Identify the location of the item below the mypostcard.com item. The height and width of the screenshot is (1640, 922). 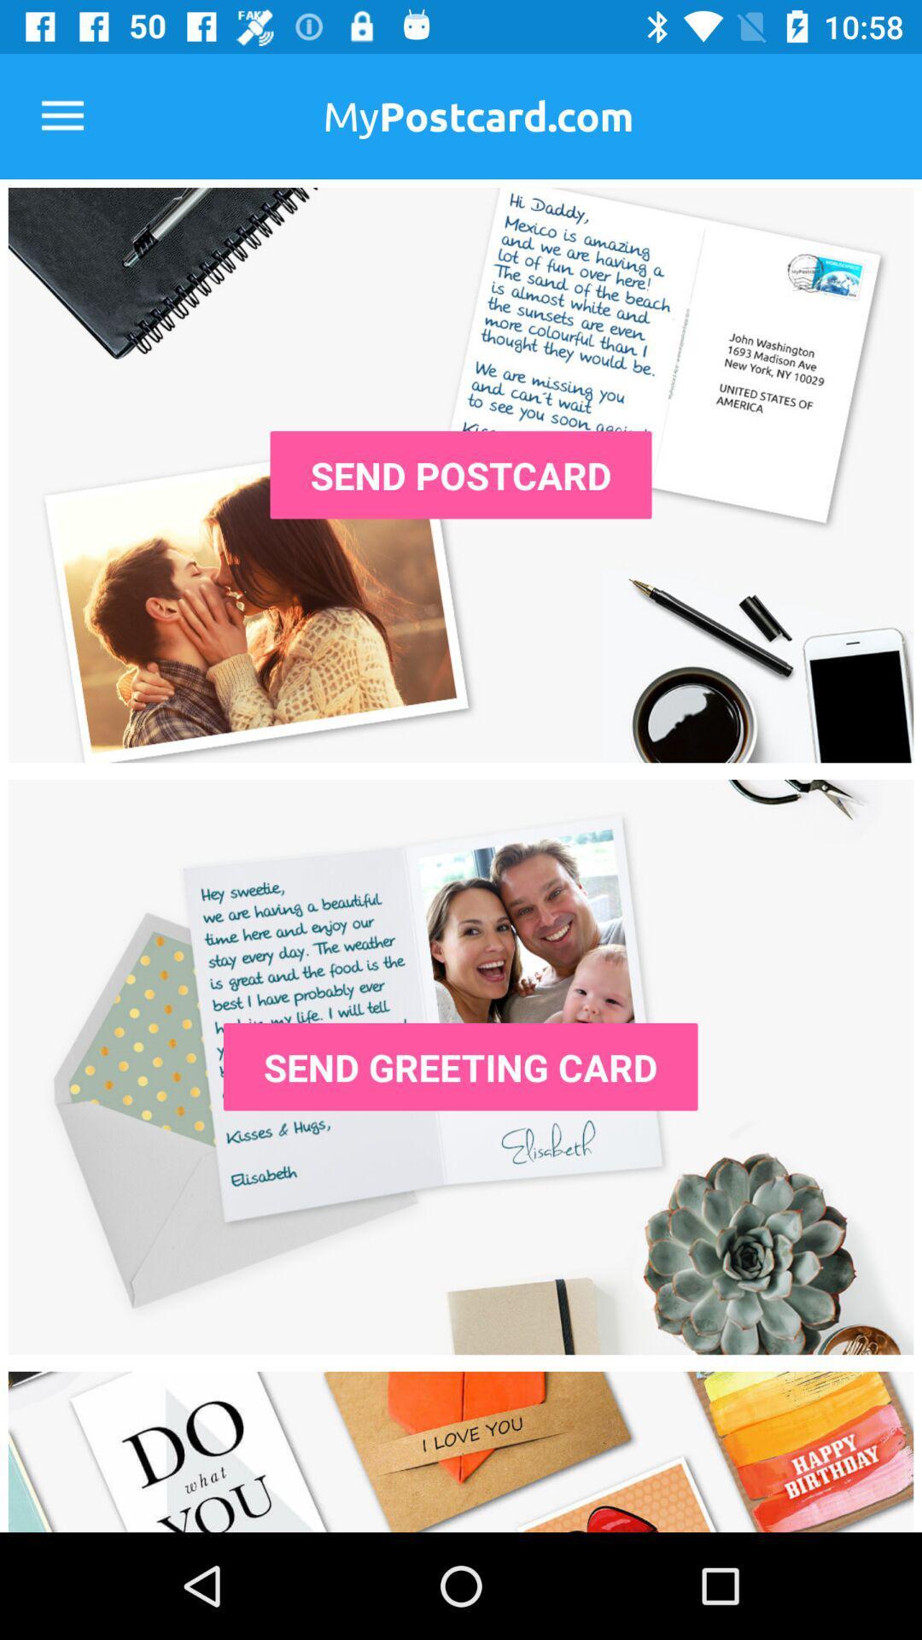
(461, 475).